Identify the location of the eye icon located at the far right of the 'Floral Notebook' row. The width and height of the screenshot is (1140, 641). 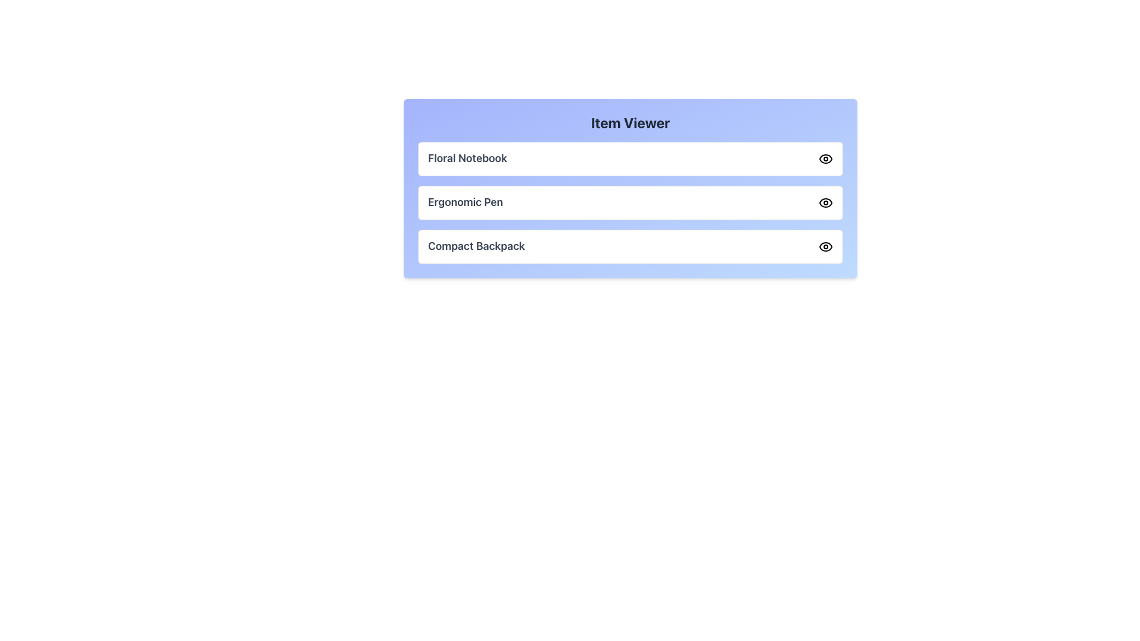
(825, 158).